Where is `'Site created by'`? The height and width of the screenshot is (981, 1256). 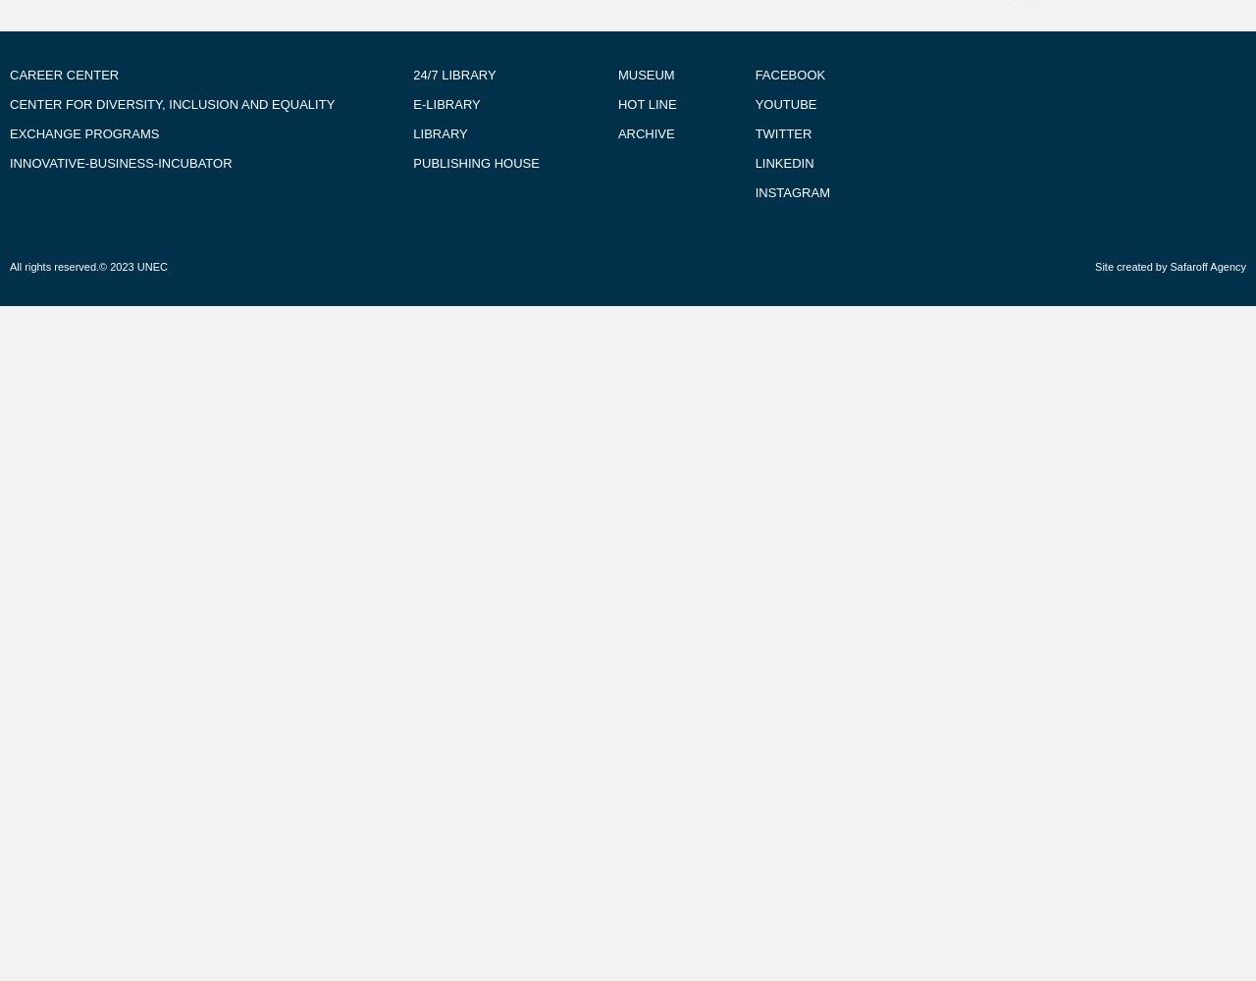
'Site created by' is located at coordinates (1132, 267).